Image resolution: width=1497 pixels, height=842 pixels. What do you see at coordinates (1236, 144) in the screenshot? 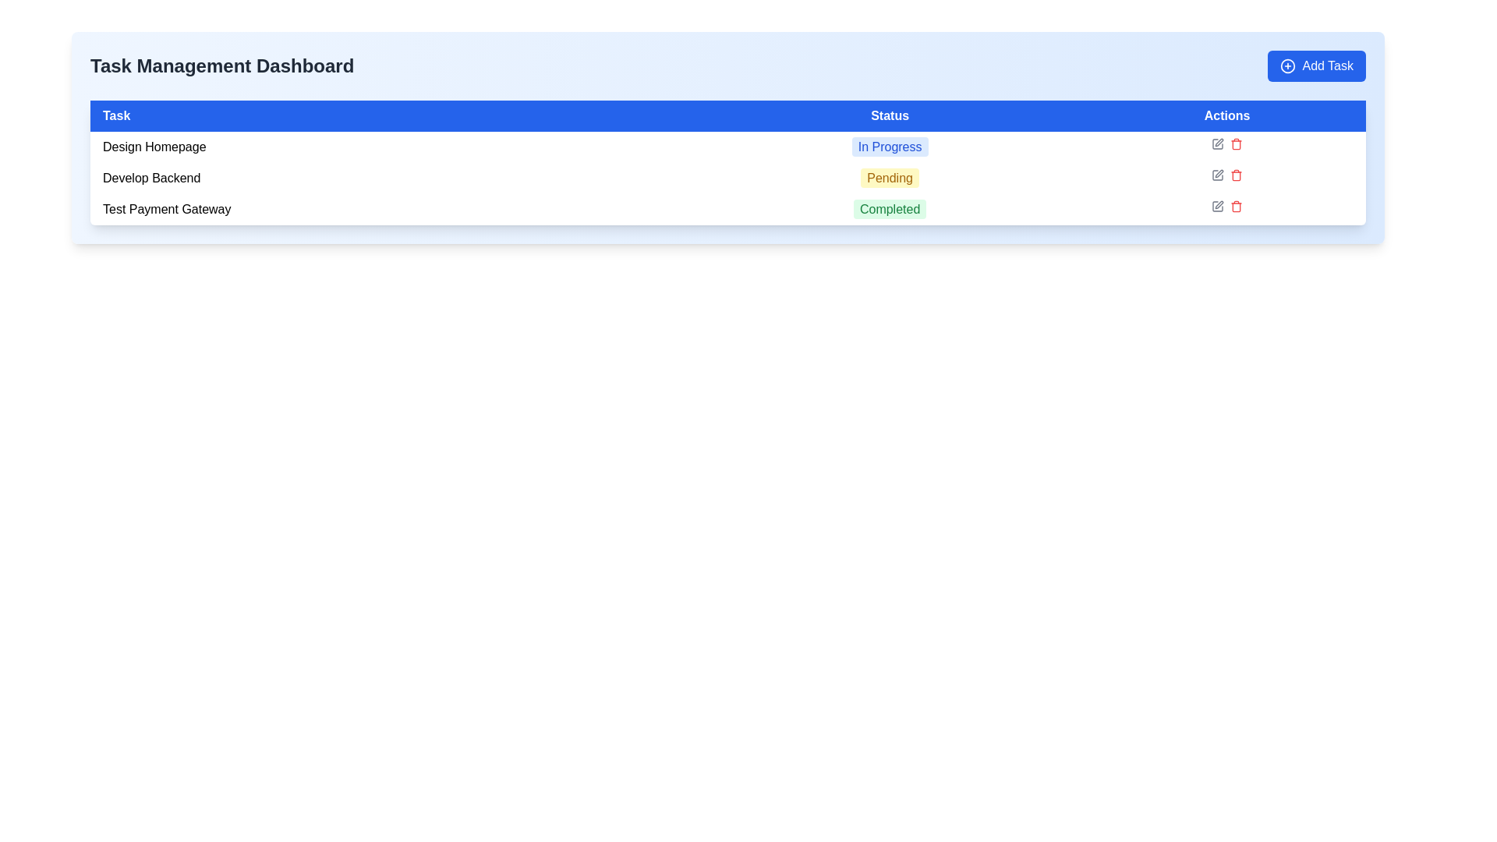
I see `the delete icon in the 'Actions' column of the task list, which is the second element in the column after the edit icon` at bounding box center [1236, 144].